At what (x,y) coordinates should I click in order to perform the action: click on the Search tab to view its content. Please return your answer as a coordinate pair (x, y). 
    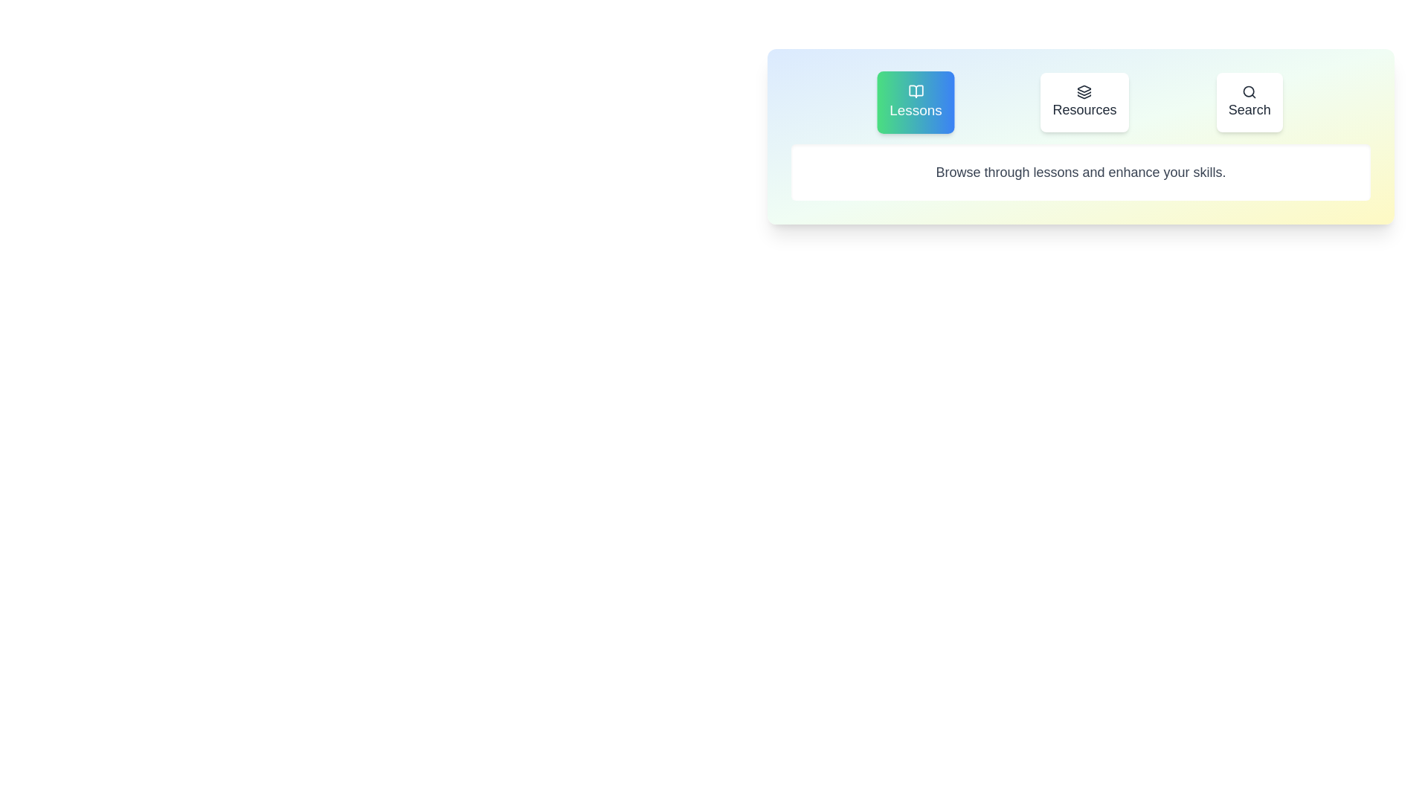
    Looking at the image, I should click on (1249, 102).